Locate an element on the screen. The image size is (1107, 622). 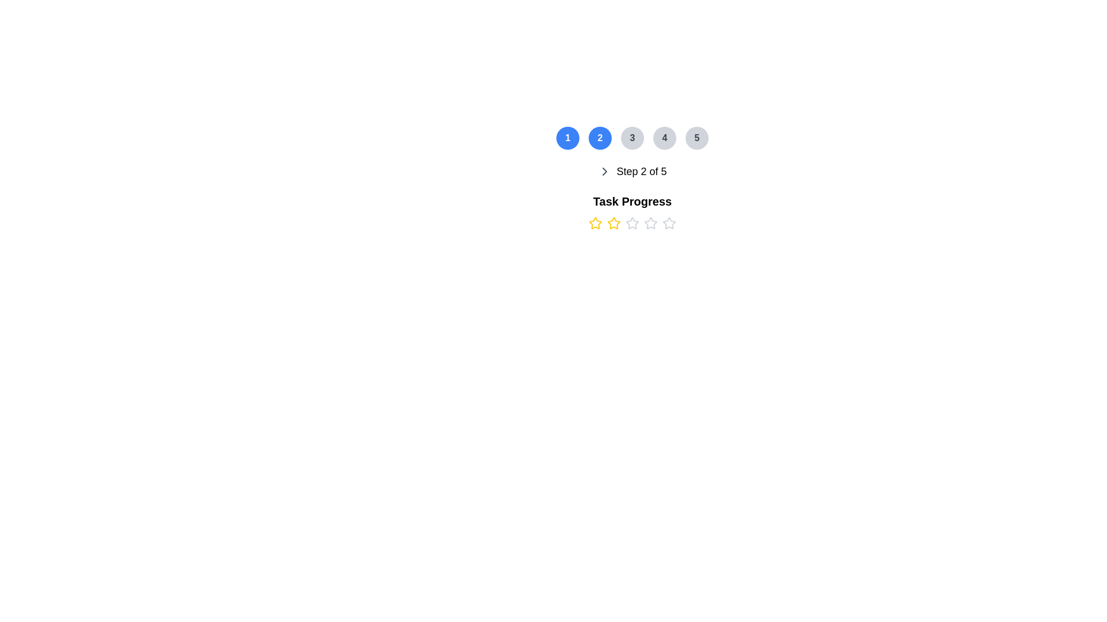
the fifth star icon, which is light gray and outlined, in the rating system to rate it is located at coordinates (669, 222).